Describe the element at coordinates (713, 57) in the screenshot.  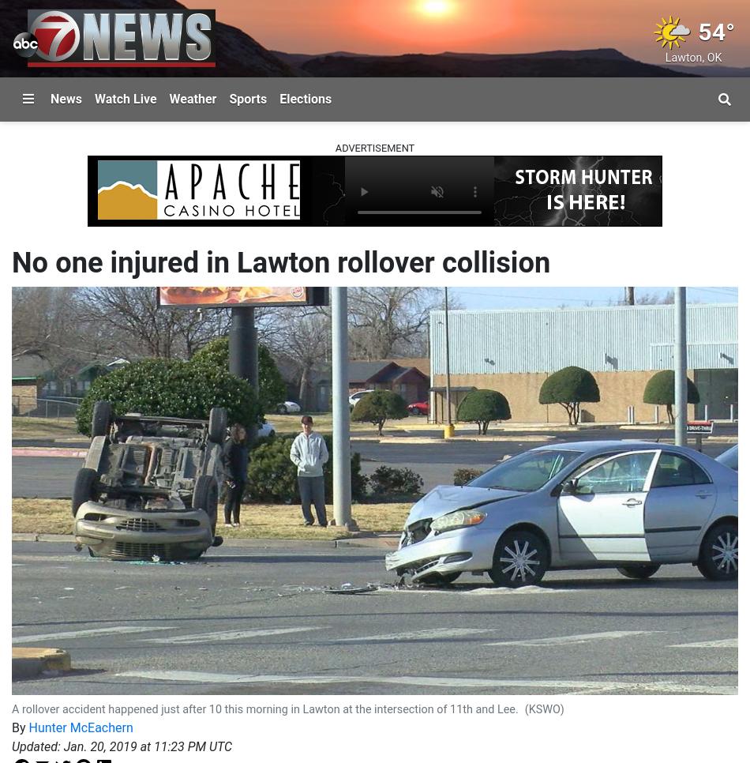
I see `'OK'` at that location.